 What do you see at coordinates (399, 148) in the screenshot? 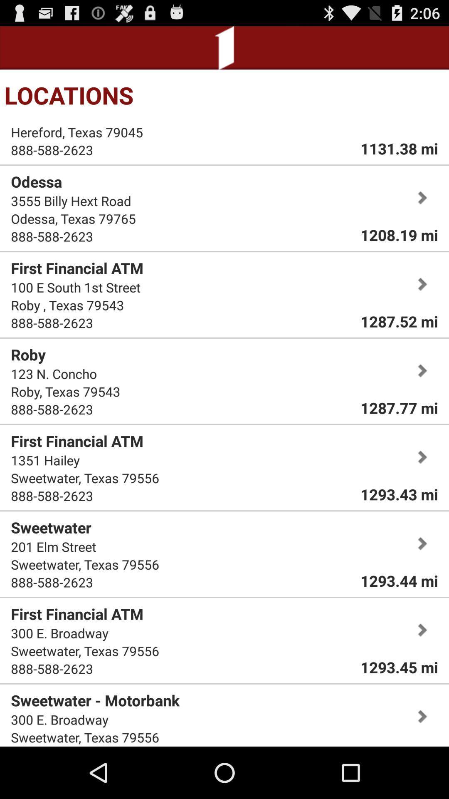
I see `the icon to the right of hereford, texas 79045 icon` at bounding box center [399, 148].